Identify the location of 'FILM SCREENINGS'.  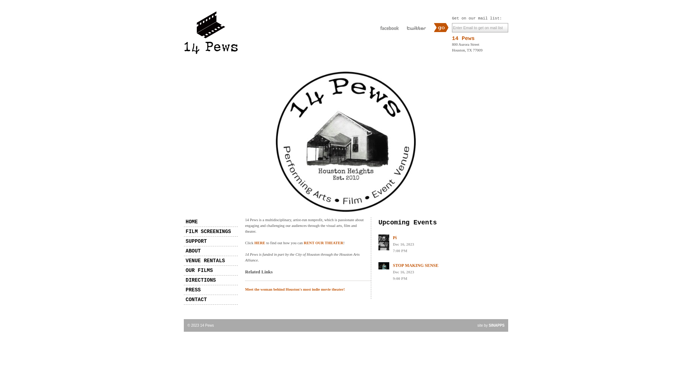
(210, 232).